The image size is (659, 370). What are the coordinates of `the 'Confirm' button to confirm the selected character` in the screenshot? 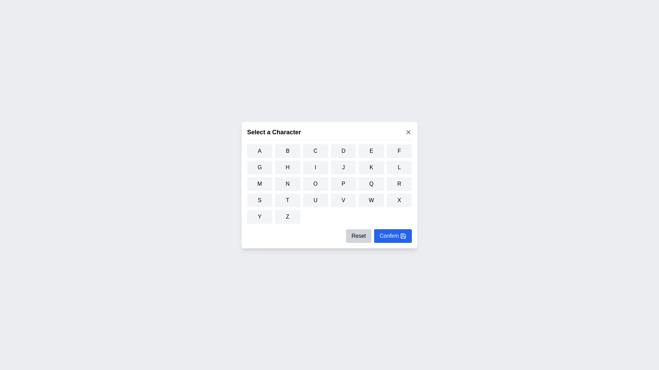 It's located at (393, 235).